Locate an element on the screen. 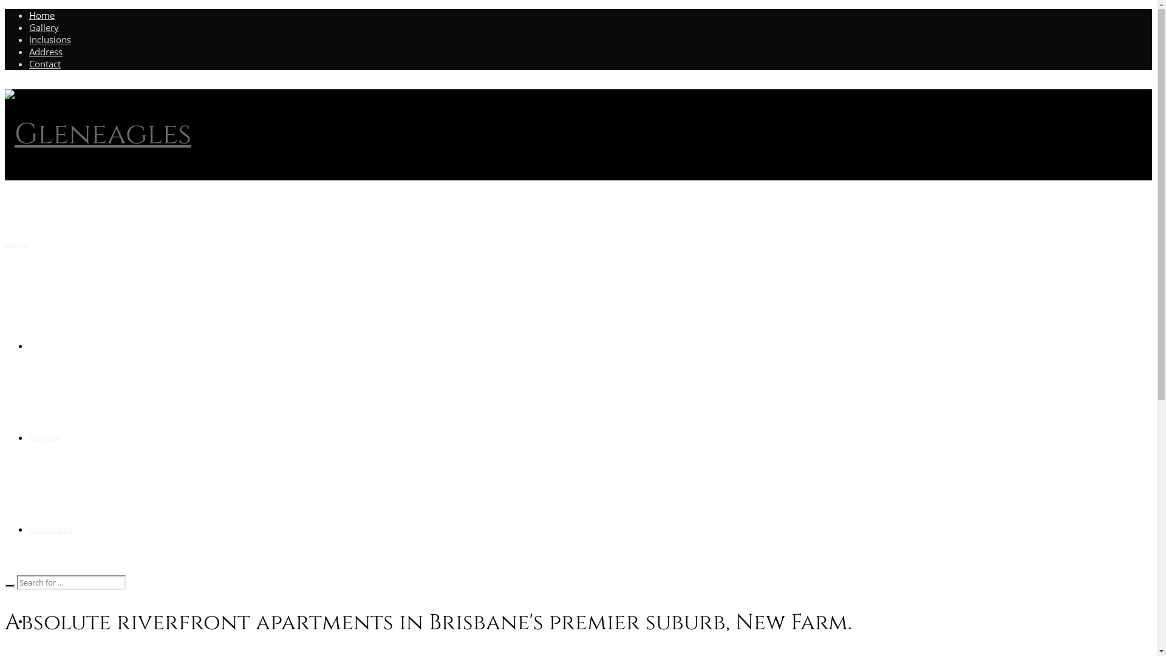  'Gallery' is located at coordinates (29, 438).